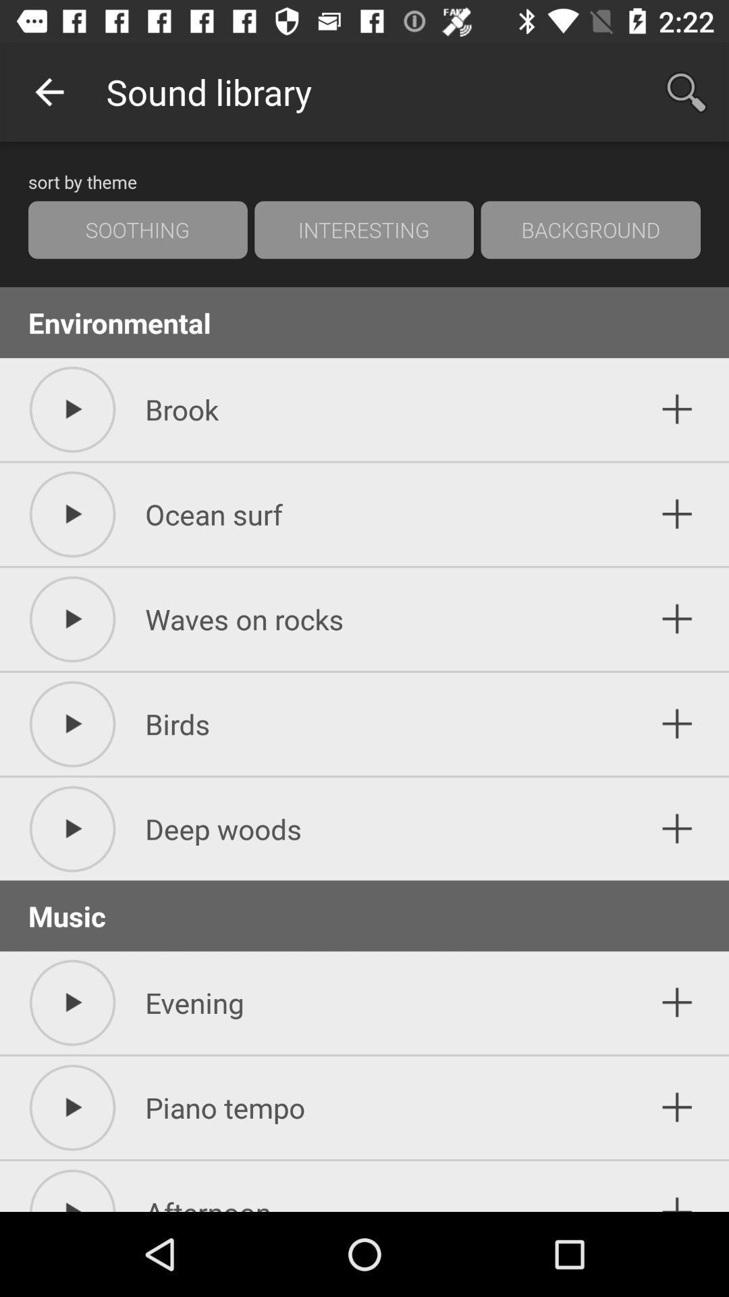  What do you see at coordinates (363, 230) in the screenshot?
I see `interesting item` at bounding box center [363, 230].